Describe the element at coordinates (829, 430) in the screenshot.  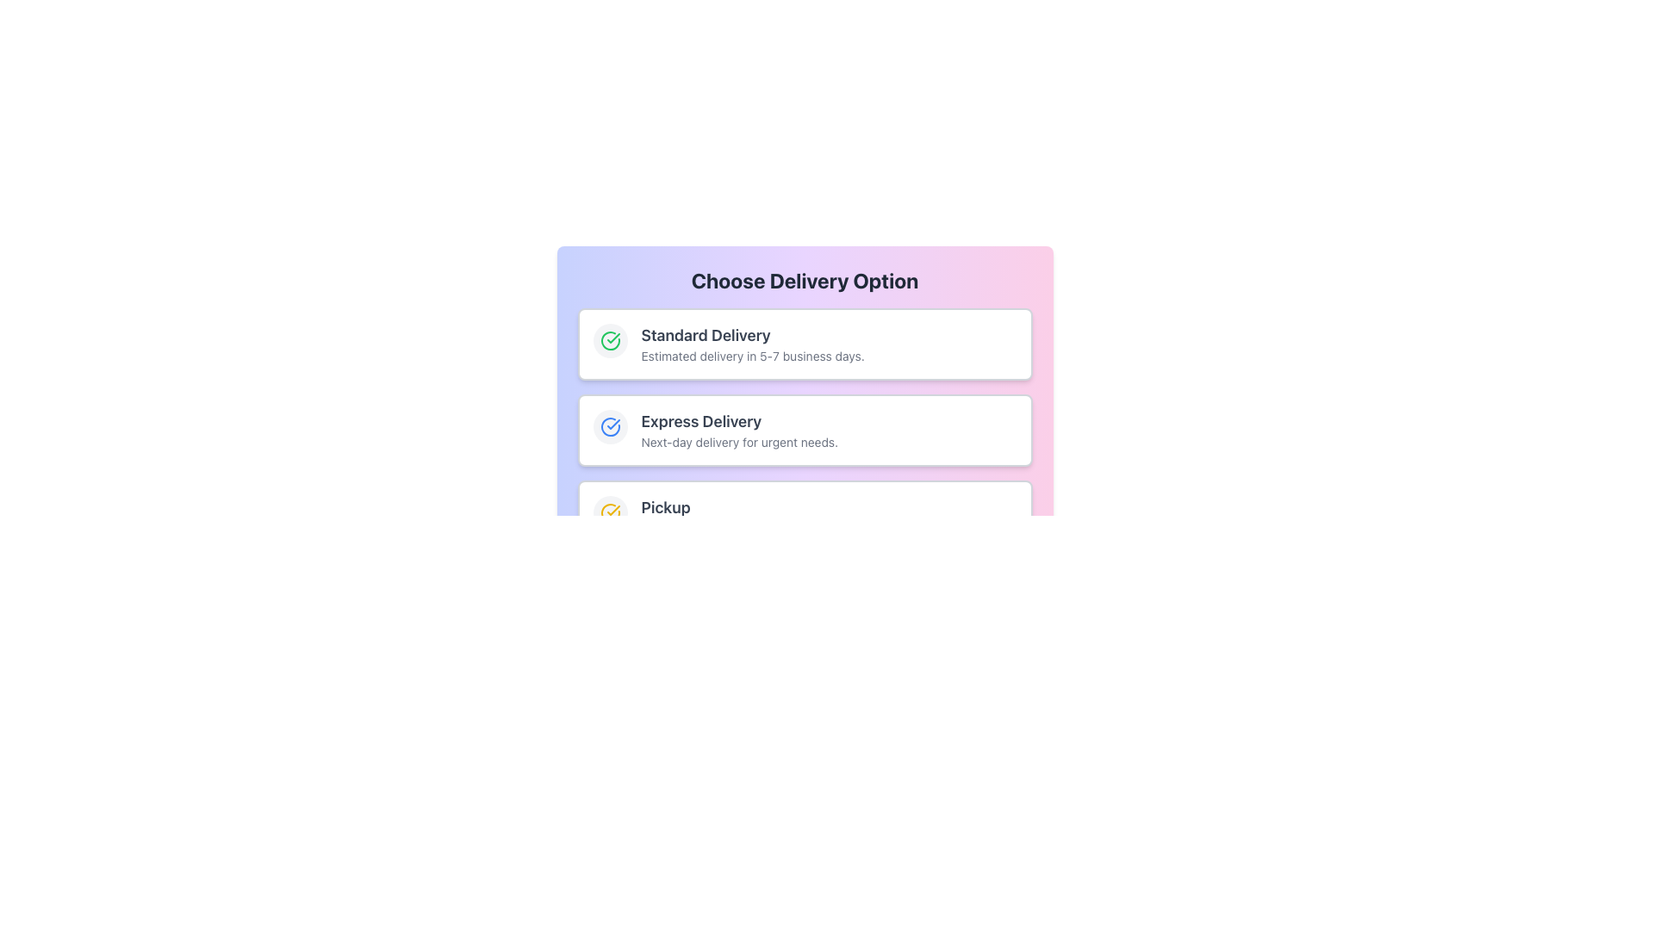
I see `the text block displaying 'Express Delivery' and its description to bring it into view within the scrollable interface` at that location.